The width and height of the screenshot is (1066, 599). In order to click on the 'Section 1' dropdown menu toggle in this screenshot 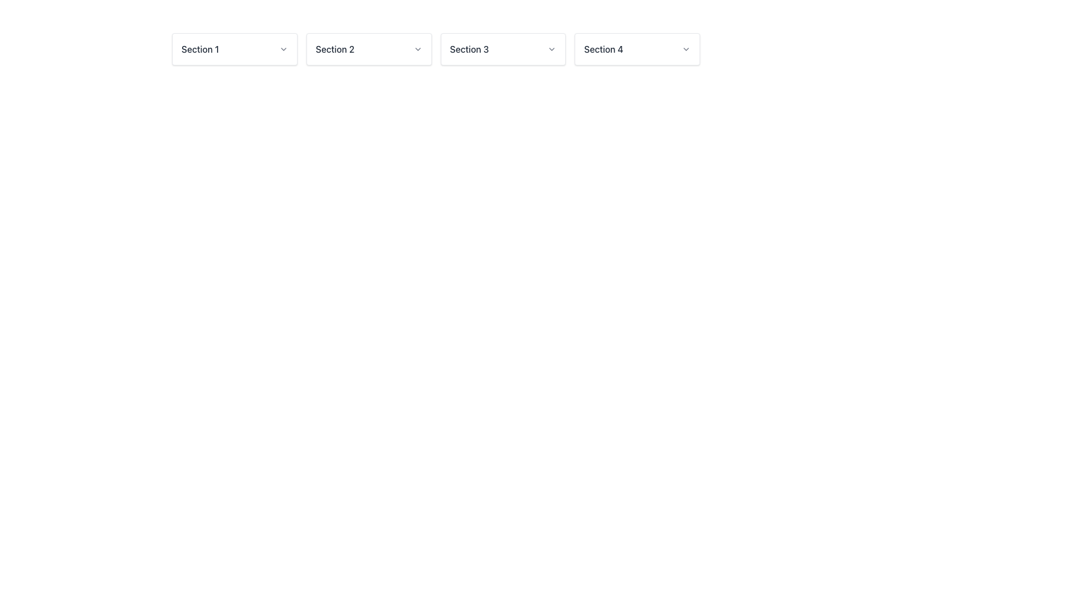, I will do `click(234, 48)`.